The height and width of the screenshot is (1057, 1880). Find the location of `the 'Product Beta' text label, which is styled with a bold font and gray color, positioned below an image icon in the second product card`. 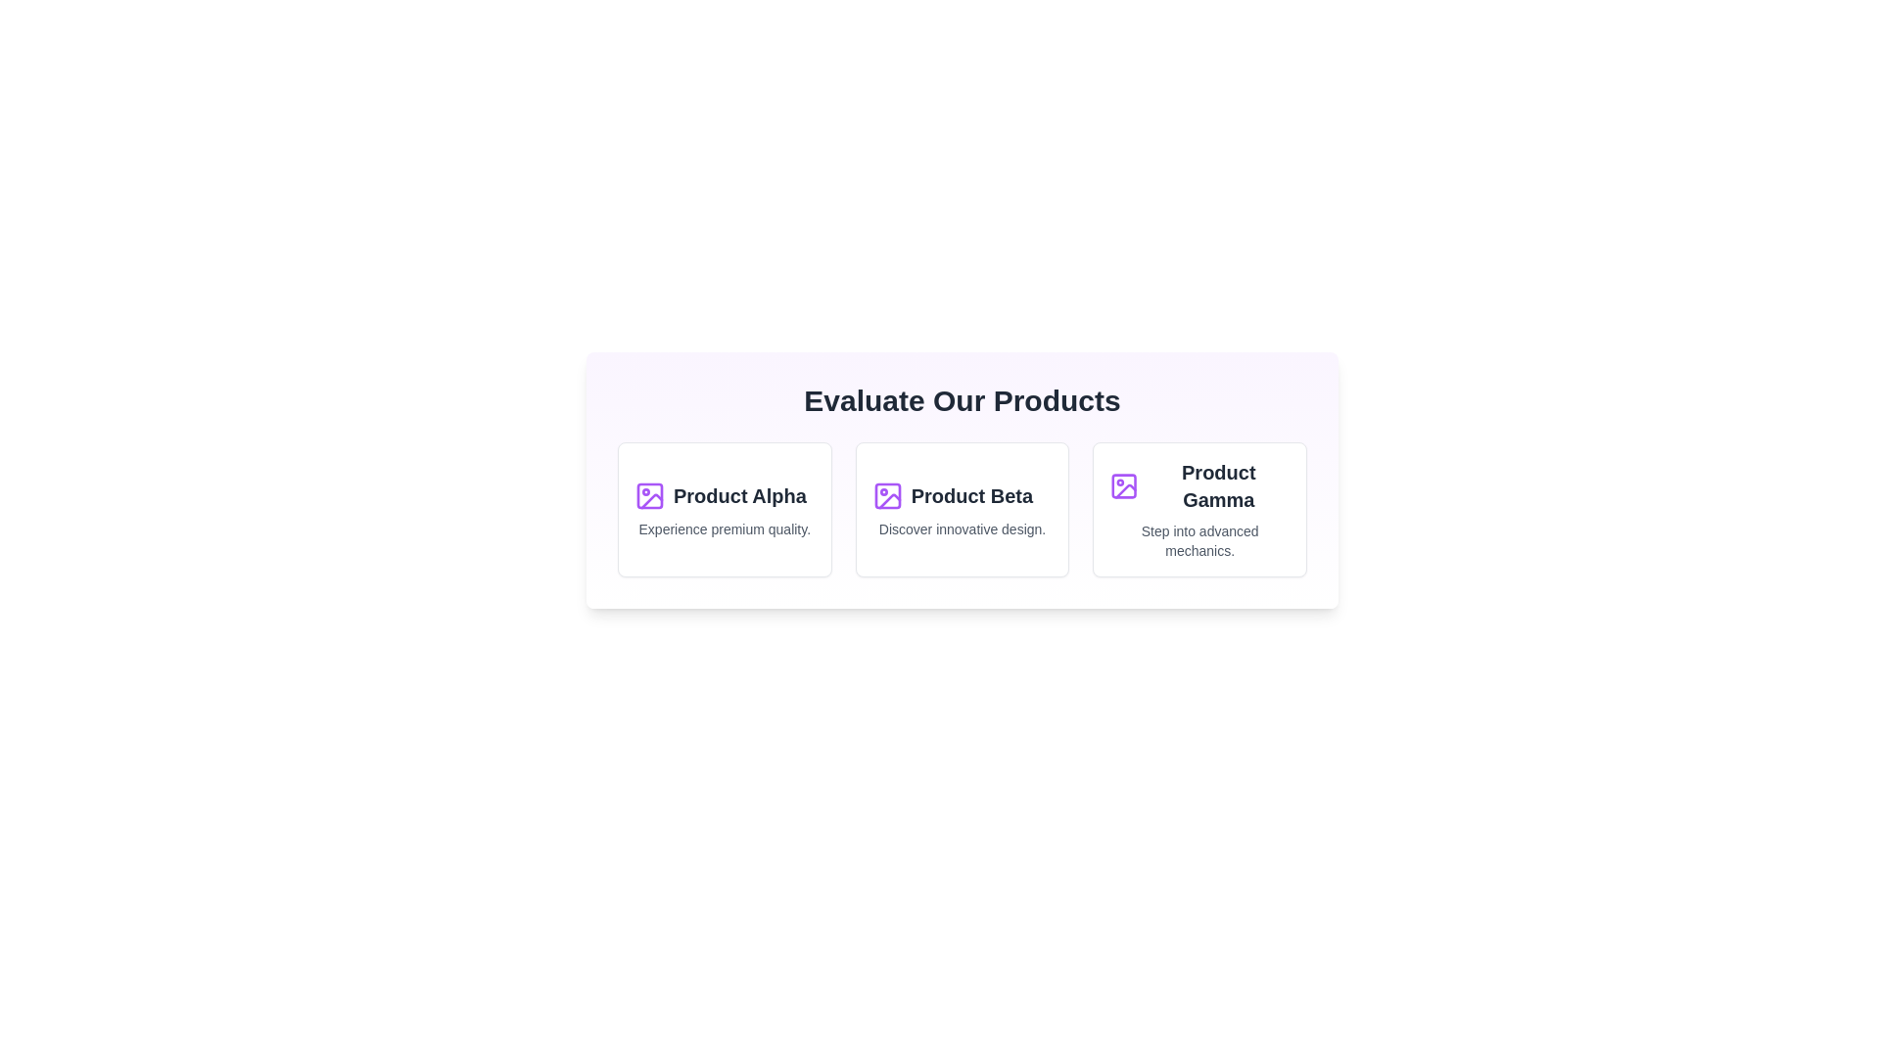

the 'Product Beta' text label, which is styled with a bold font and gray color, positioned below an image icon in the second product card is located at coordinates (971, 494).